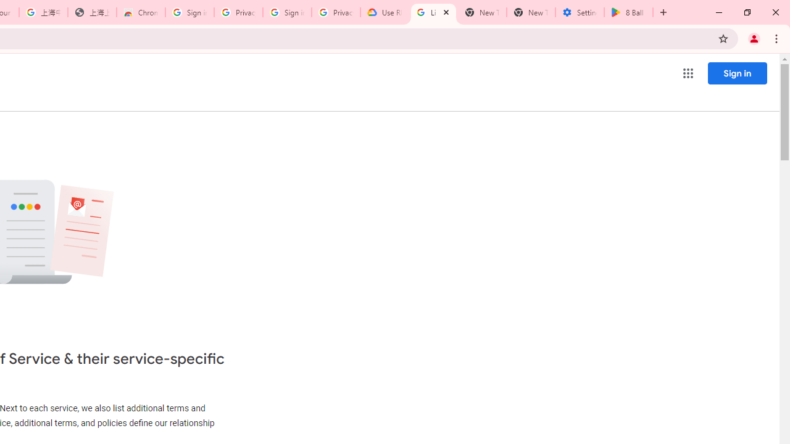  What do you see at coordinates (531, 12) in the screenshot?
I see `'New Tab'` at bounding box center [531, 12].